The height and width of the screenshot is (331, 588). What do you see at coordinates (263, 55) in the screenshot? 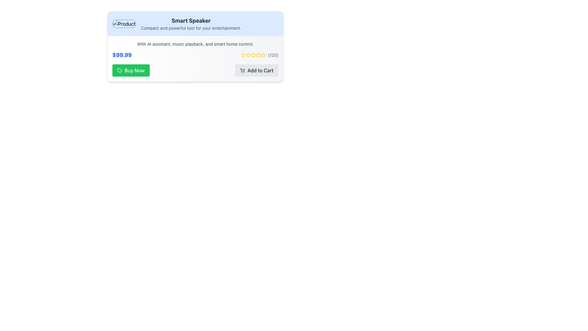
I see `the fourth Rating Star element, which is a yellow star icon in a horizontal sequence of five stars beneath the product description text` at bounding box center [263, 55].